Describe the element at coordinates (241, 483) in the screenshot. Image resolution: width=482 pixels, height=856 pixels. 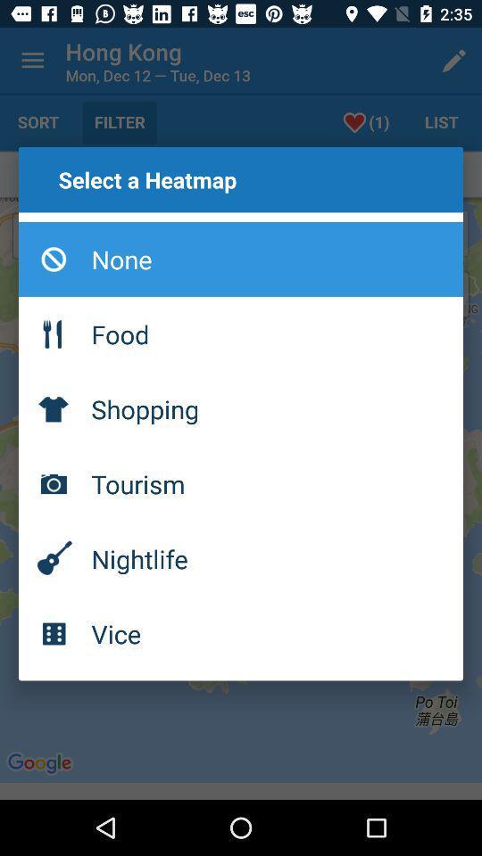
I see `the tourism icon` at that location.